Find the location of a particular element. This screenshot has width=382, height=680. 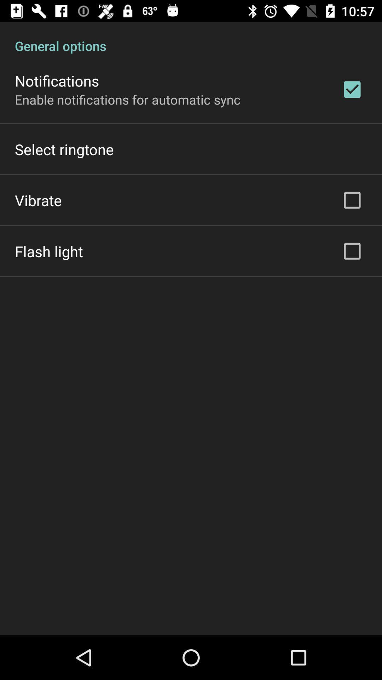

enable notifications for icon is located at coordinates (128, 99).